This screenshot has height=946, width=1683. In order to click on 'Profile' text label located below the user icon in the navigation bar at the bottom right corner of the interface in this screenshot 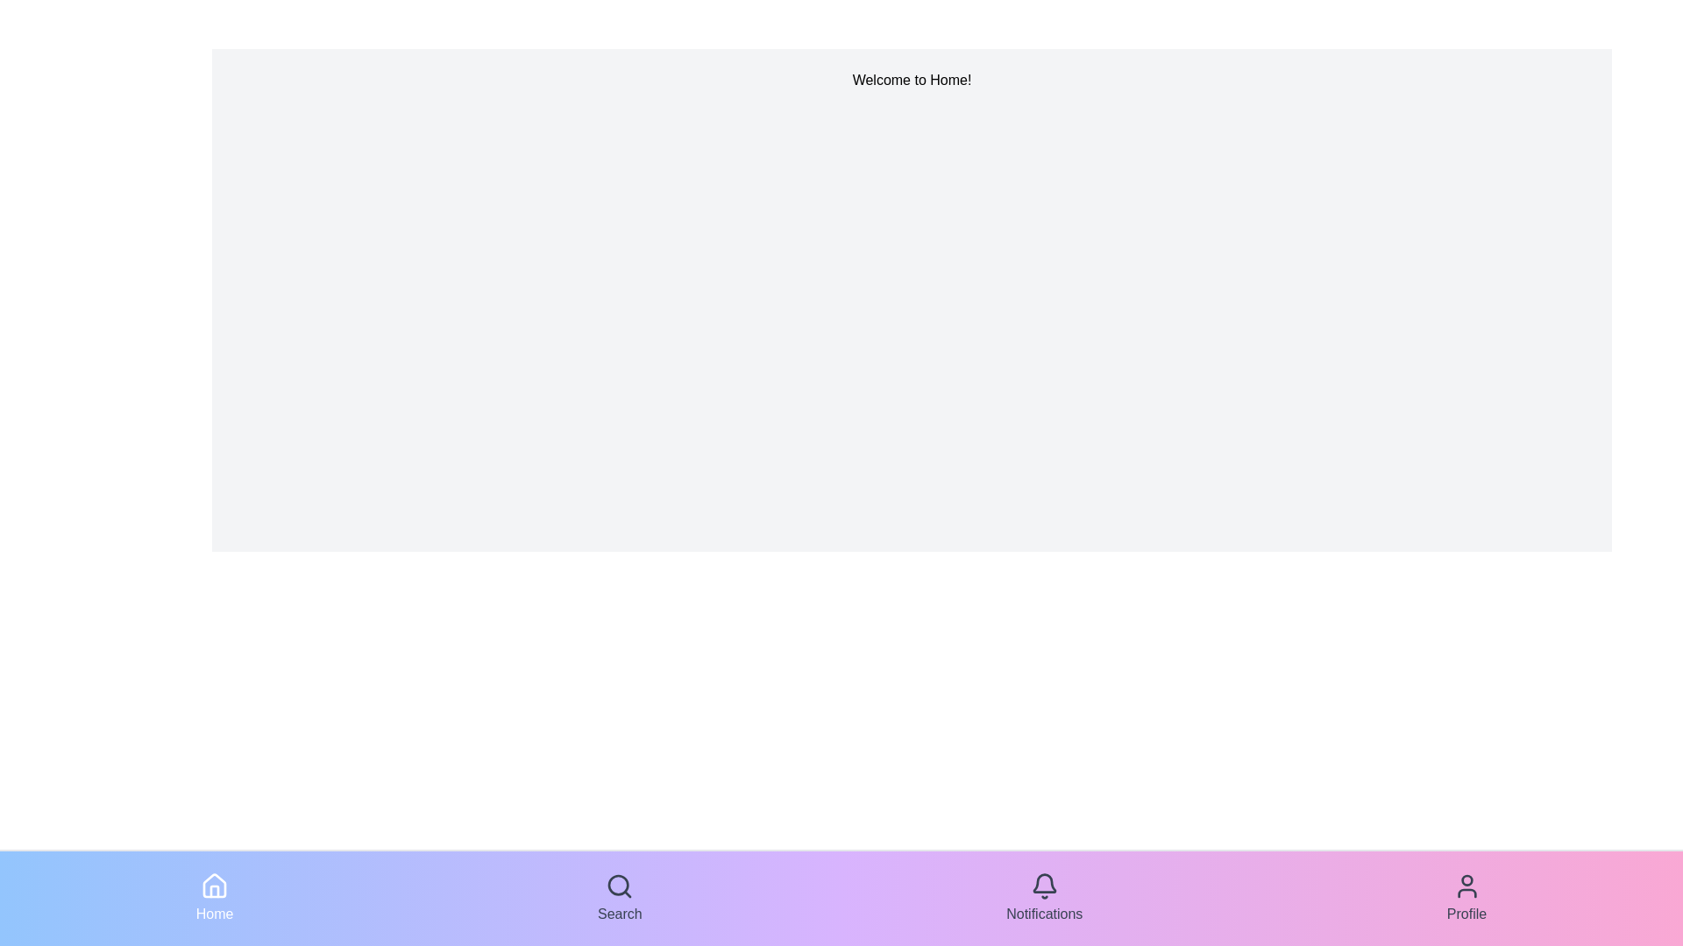, I will do `click(1466, 914)`.